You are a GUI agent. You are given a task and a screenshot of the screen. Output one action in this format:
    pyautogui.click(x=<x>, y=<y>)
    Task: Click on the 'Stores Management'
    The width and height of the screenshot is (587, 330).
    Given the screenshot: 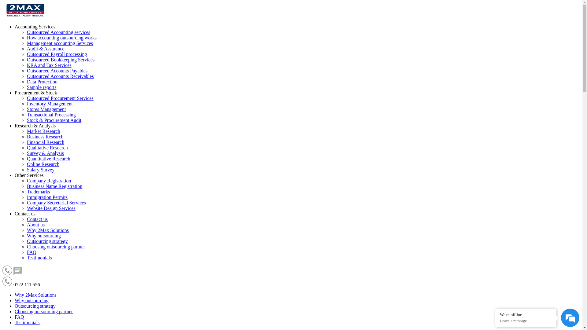 What is the action you would take?
    pyautogui.click(x=46, y=109)
    